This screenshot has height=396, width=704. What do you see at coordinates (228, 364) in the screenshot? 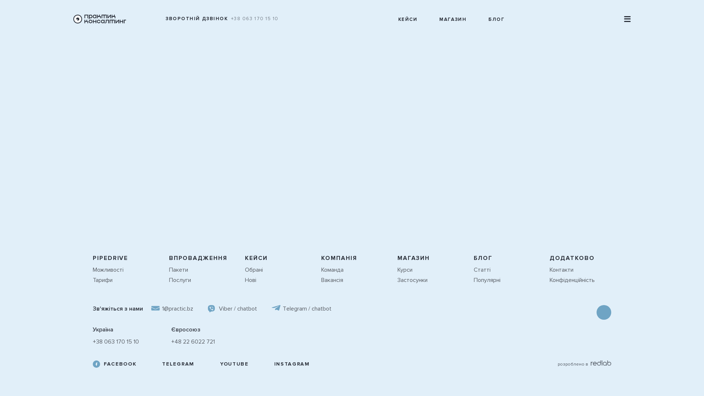
I see `'YOUTUBE'` at bounding box center [228, 364].